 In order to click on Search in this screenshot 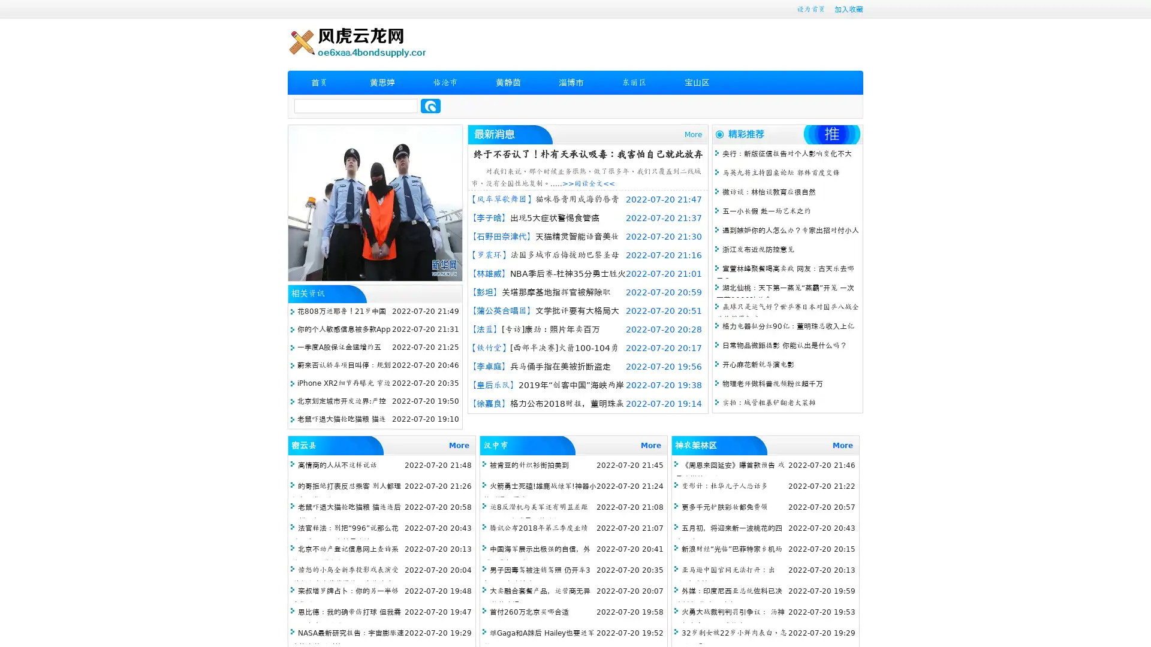, I will do `click(430, 105)`.